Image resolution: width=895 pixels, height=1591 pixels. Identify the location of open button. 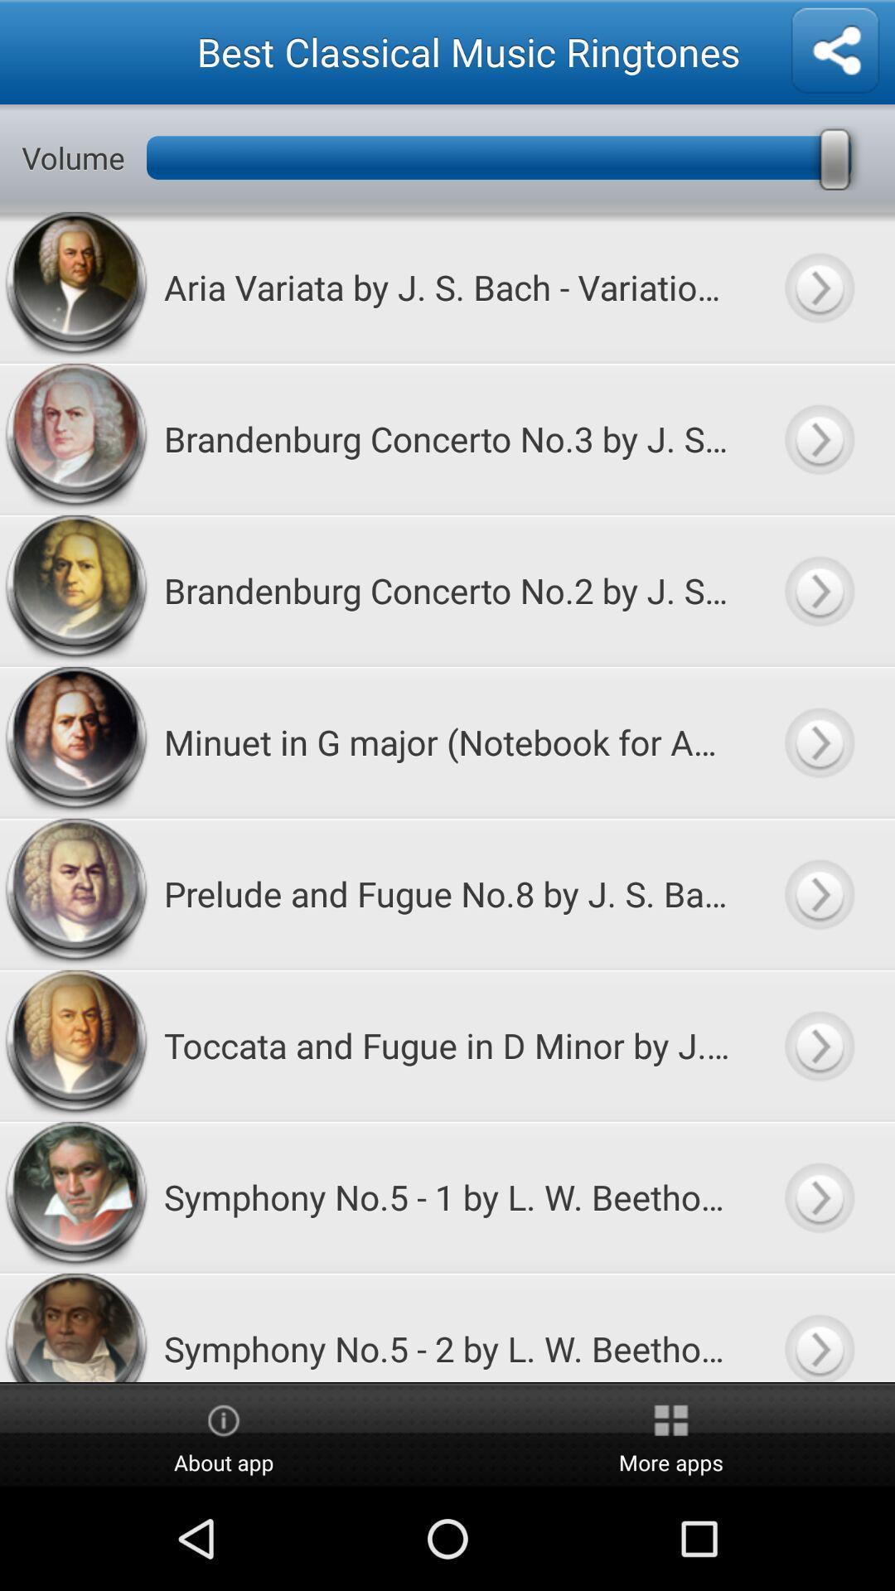
(818, 892).